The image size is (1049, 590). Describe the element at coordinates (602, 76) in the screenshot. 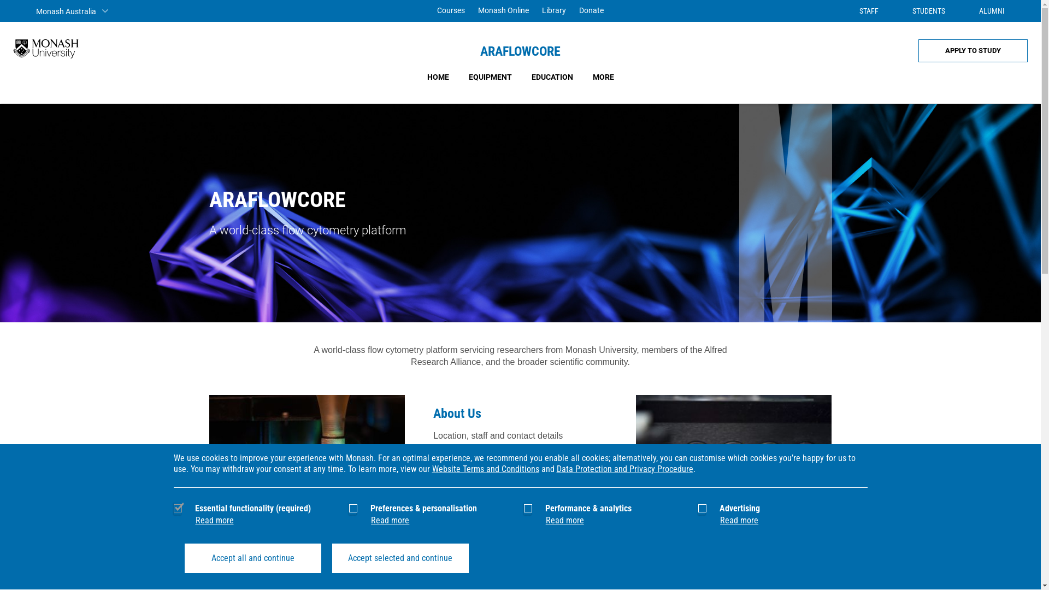

I see `'MORE'` at that location.